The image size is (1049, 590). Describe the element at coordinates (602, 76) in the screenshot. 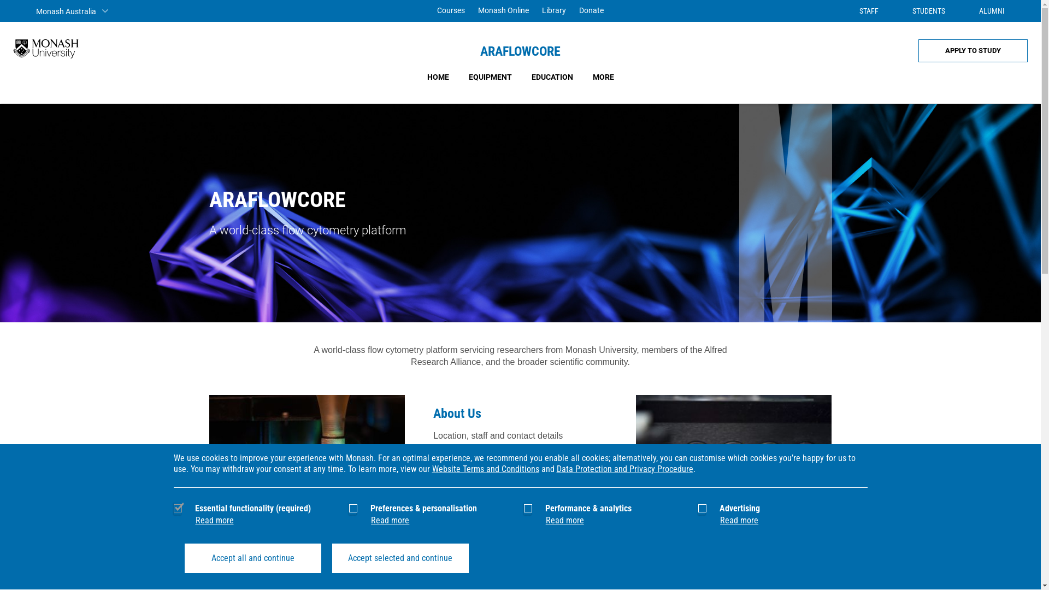

I see `'MORE'` at that location.